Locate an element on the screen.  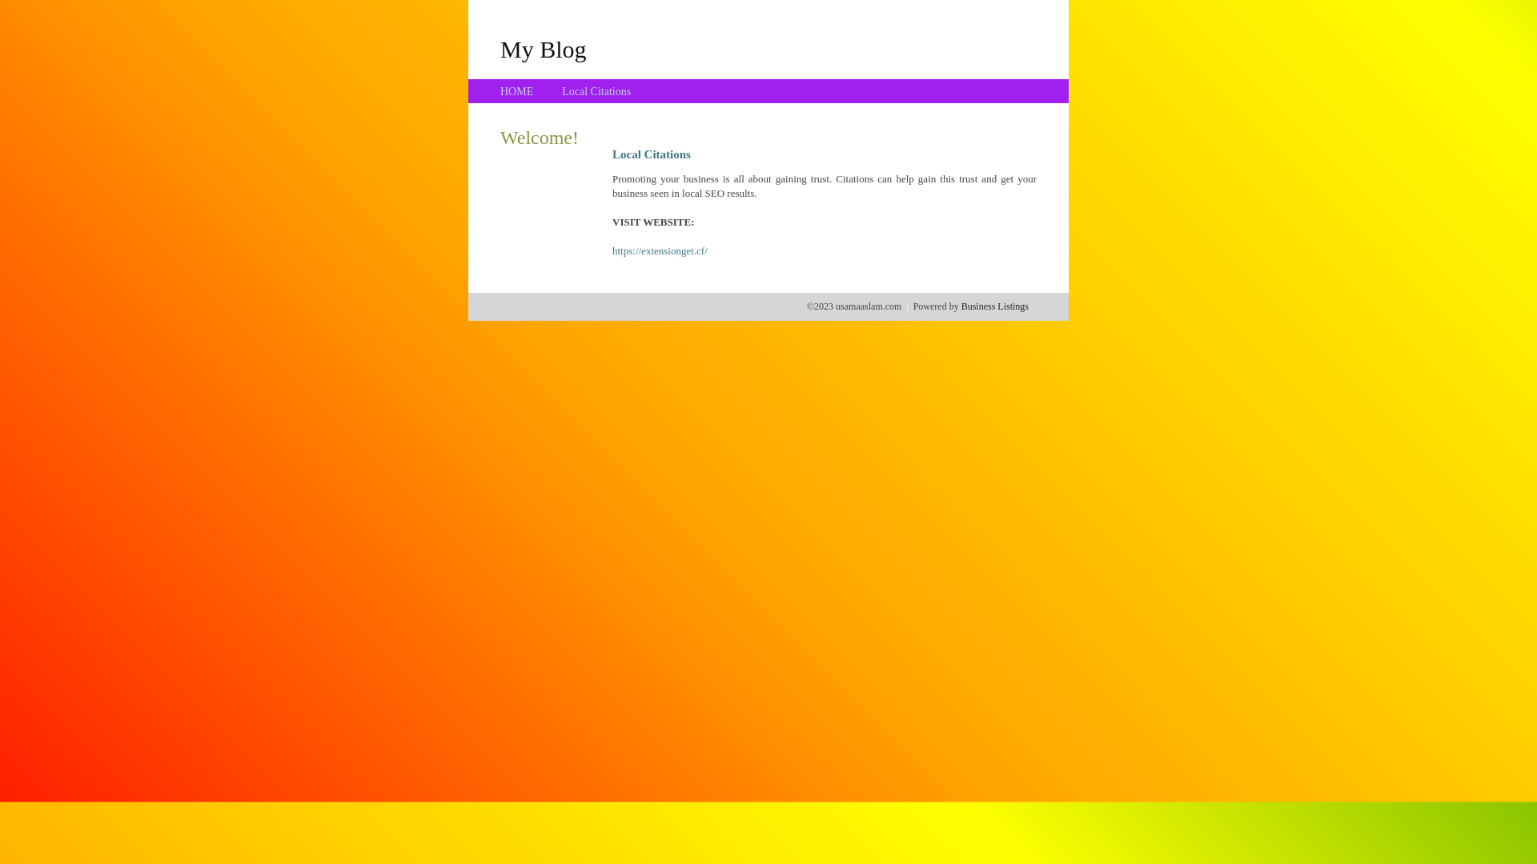
'My Blog' is located at coordinates (499, 48).